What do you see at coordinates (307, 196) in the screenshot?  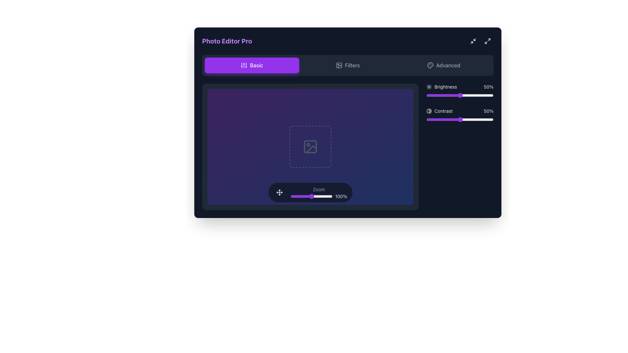 I see `the zoom level` at bounding box center [307, 196].